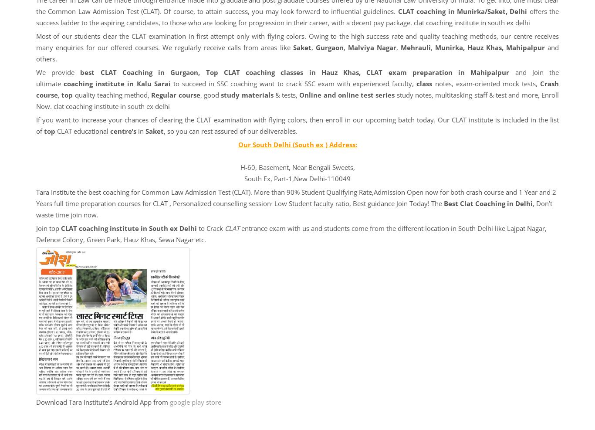 The width and height of the screenshot is (595, 430). Describe the element at coordinates (195, 401) in the screenshot. I see `'google play store'` at that location.